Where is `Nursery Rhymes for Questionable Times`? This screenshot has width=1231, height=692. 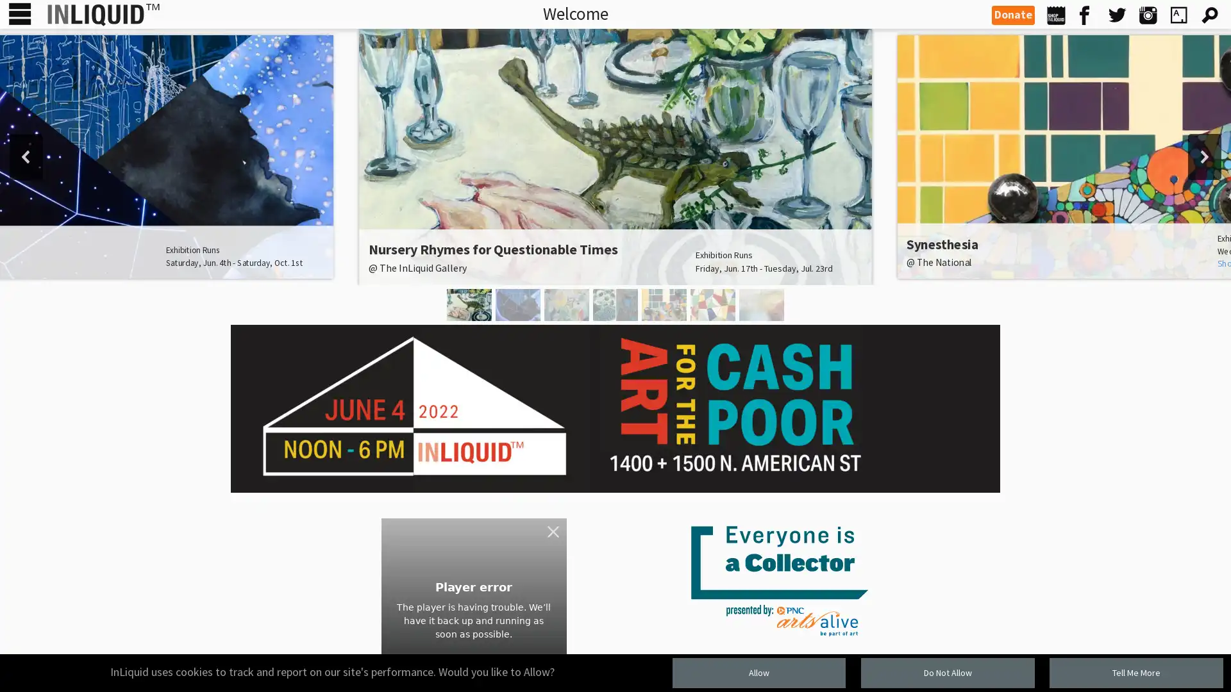 Nursery Rhymes for Questionable Times is located at coordinates (468, 304).